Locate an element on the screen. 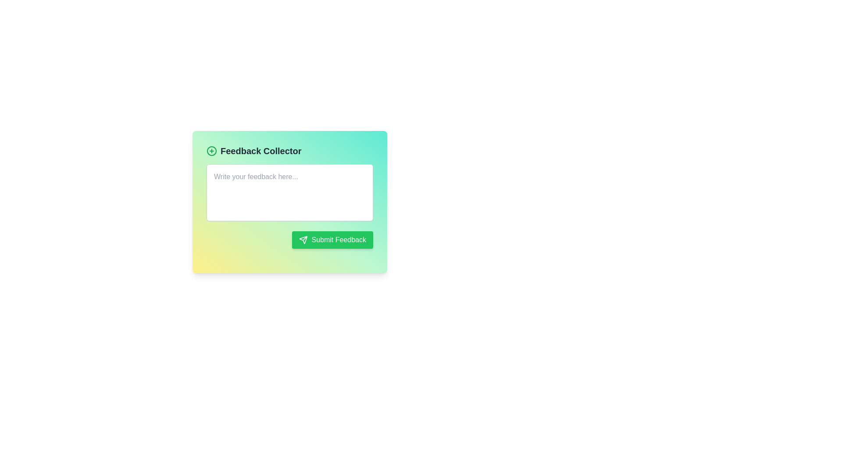  the outer circular part of the addition icon located at the top-left corner inside the 'Feedback Collector' area is located at coordinates (212, 150).